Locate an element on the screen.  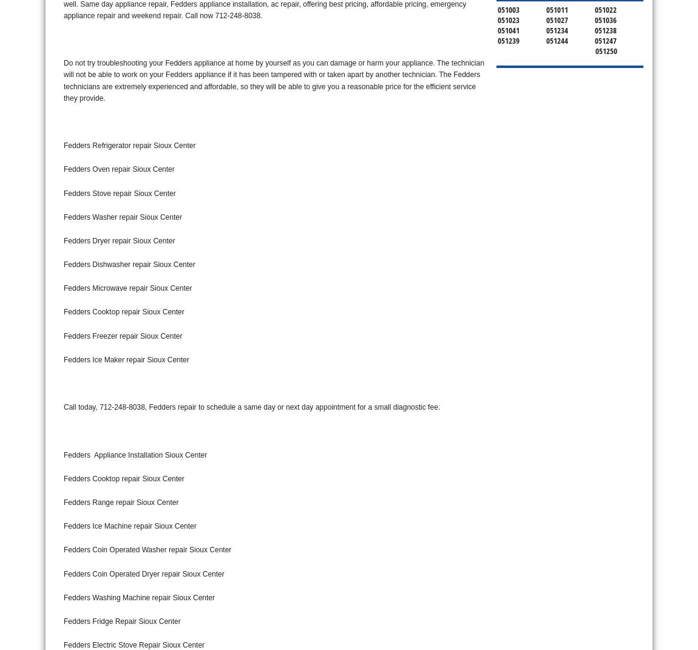
'Fedders Coin Operated Dryer repair Sioux Center' is located at coordinates (63, 573).